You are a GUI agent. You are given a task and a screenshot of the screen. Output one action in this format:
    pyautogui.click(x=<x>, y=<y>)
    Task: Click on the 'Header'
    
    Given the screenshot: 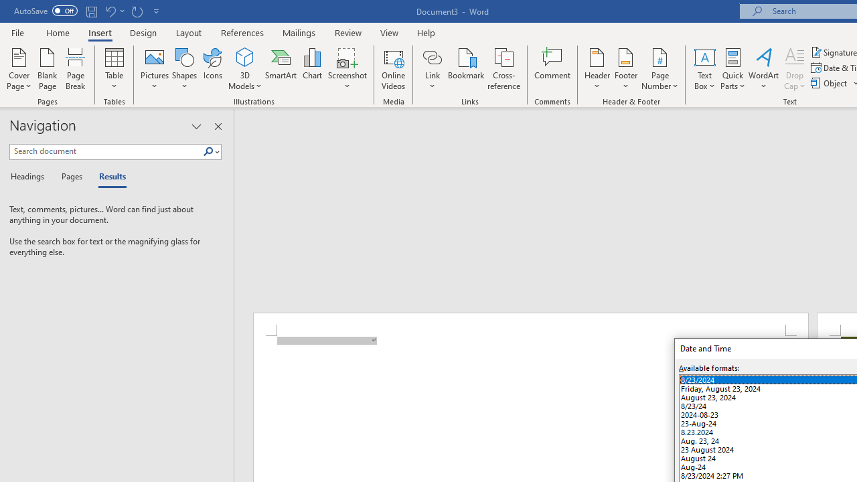 What is the action you would take?
    pyautogui.click(x=597, y=69)
    